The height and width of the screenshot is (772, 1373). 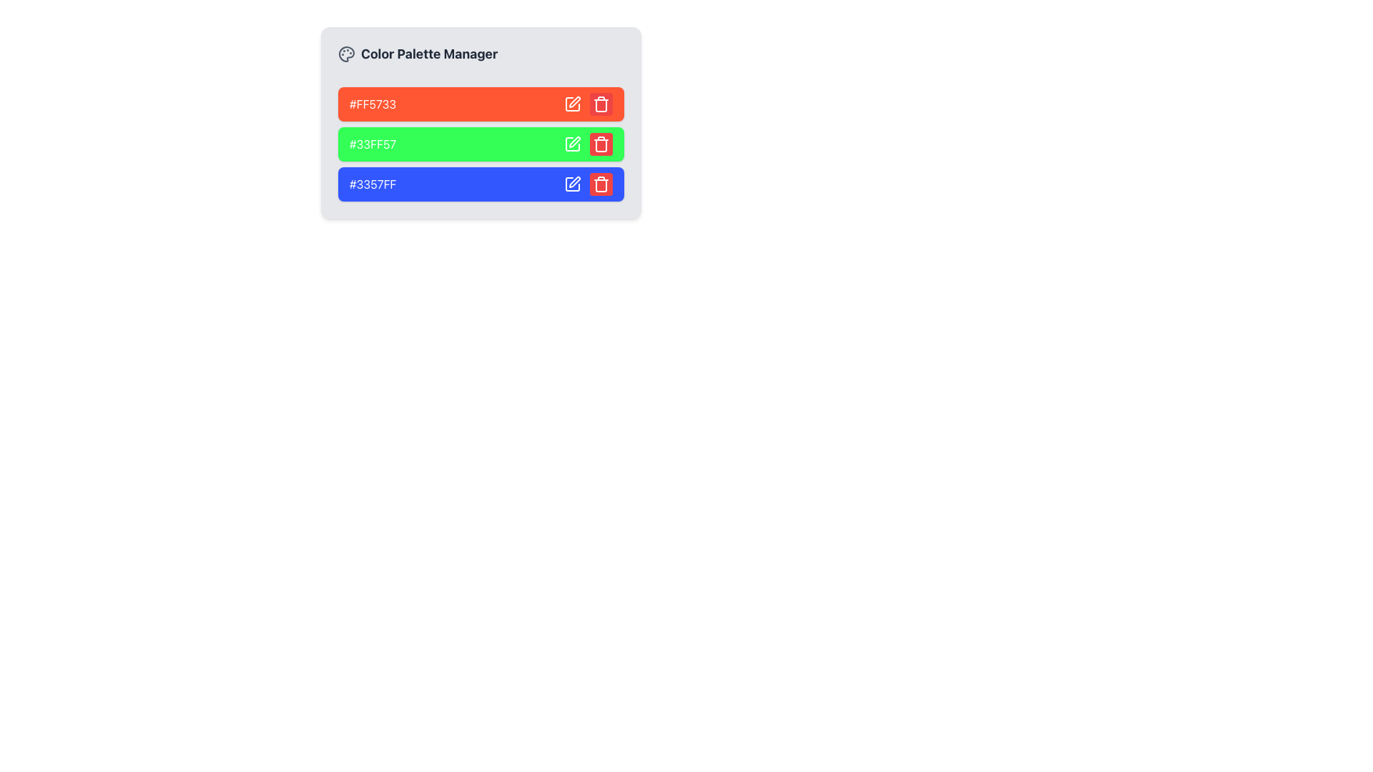 What do you see at coordinates (346, 54) in the screenshot?
I see `the icon shaped like a palette, located in the header section of the 'Color Palette Manager', to the left of the text 'Color Palette Manager'` at bounding box center [346, 54].